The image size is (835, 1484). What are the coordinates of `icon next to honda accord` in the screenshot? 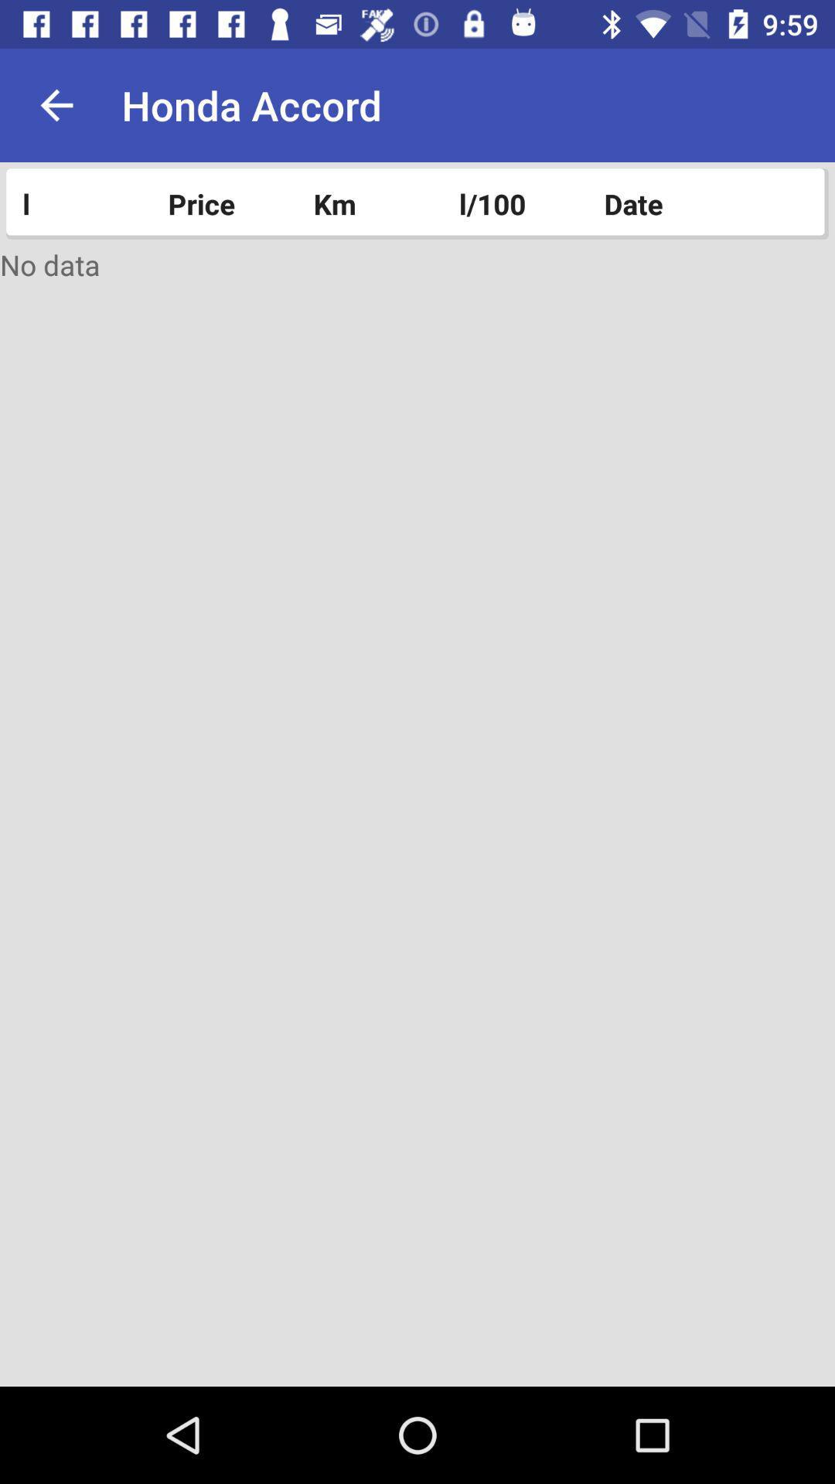 It's located at (56, 104).